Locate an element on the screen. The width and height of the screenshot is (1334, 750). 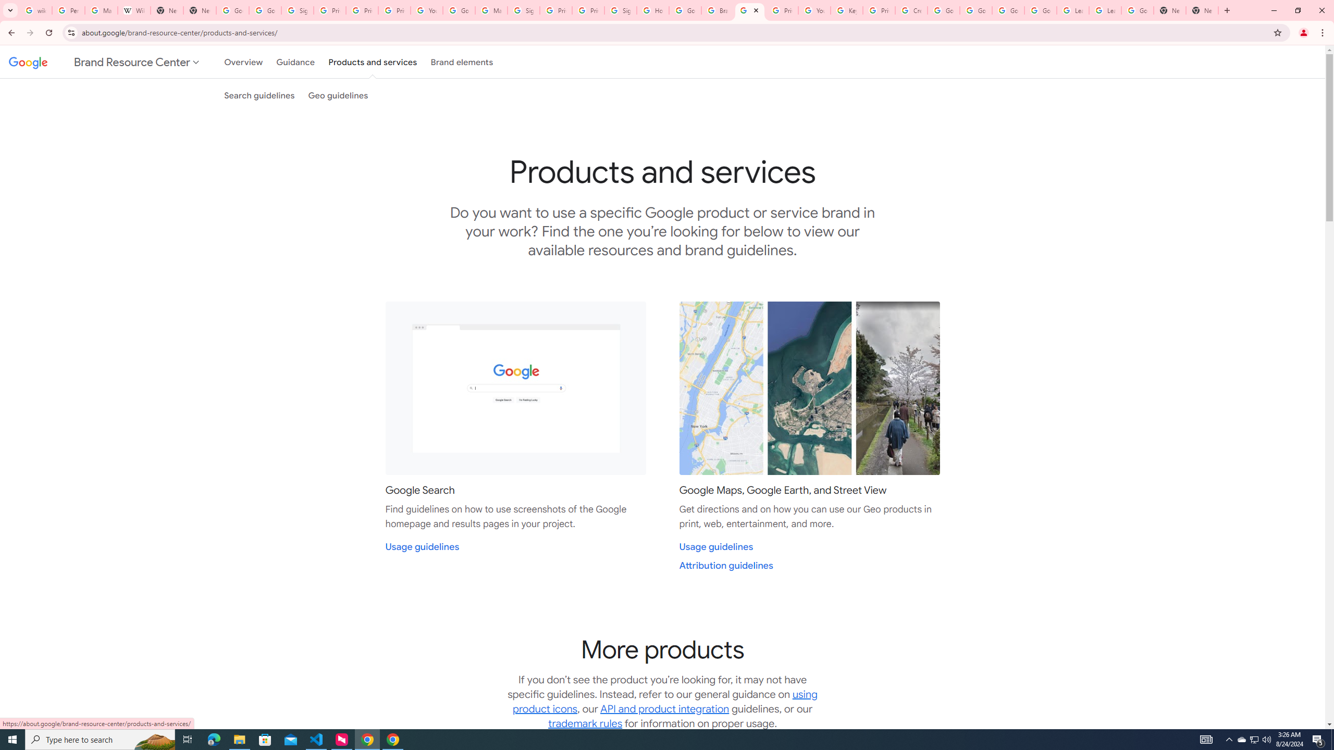
'Personalization & Google Search results - Google Search Help' is located at coordinates (68, 10).